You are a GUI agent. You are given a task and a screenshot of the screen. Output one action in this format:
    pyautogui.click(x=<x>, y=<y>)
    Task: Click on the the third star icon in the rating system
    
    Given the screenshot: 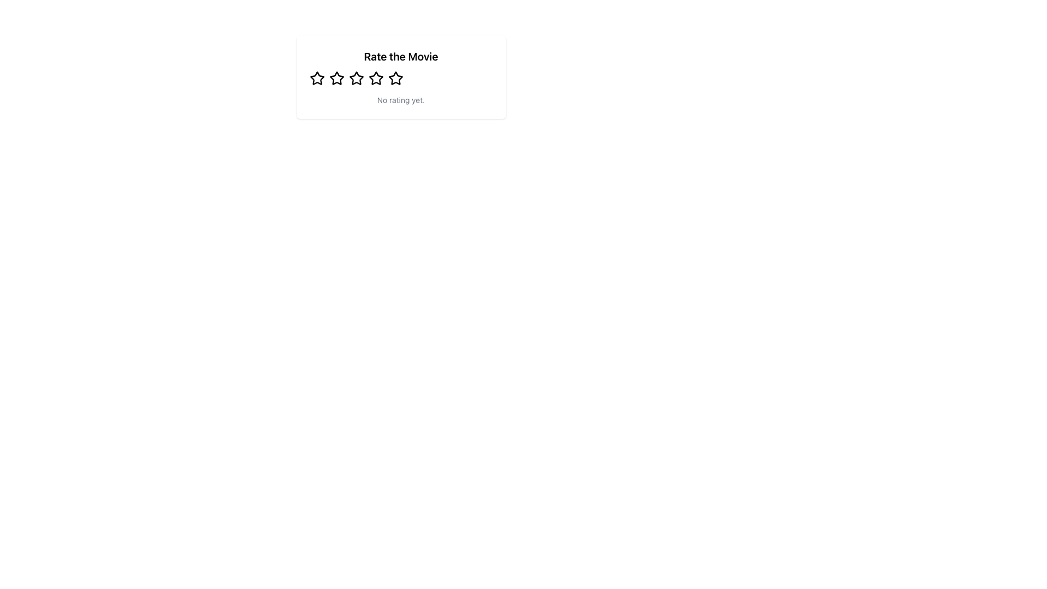 What is the action you would take?
    pyautogui.click(x=376, y=77)
    